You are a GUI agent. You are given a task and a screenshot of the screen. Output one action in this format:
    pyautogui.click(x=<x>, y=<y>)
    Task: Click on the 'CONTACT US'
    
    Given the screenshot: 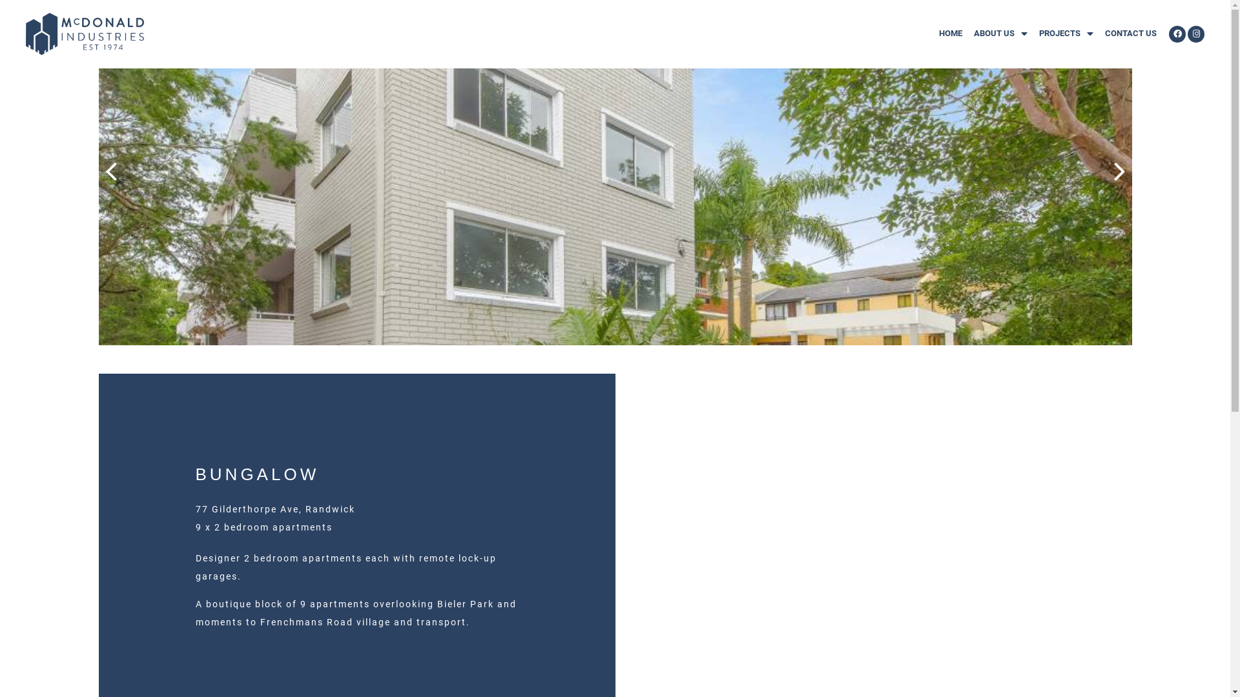 What is the action you would take?
    pyautogui.click(x=1130, y=33)
    